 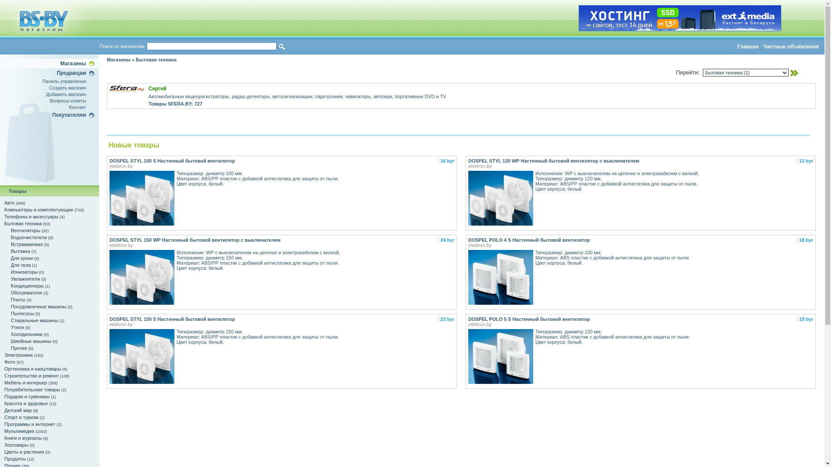 I want to click on 'sfera.by', so click(x=126, y=88).